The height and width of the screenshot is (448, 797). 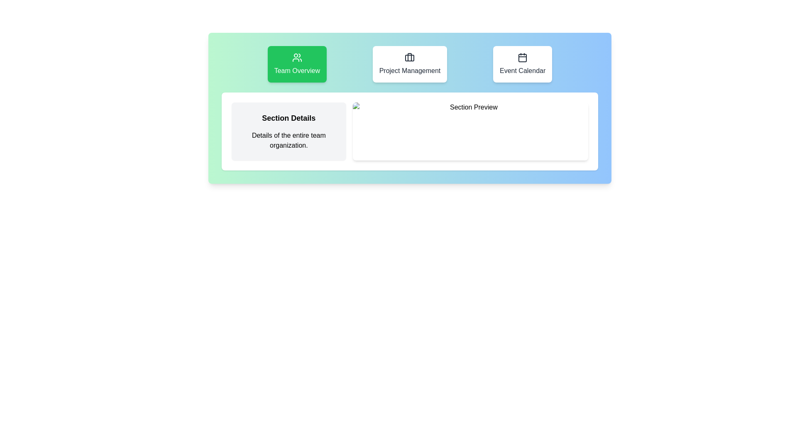 What do you see at coordinates (410, 57) in the screenshot?
I see `the vertical line in the middle of the suitcase icon representing project management functionality` at bounding box center [410, 57].